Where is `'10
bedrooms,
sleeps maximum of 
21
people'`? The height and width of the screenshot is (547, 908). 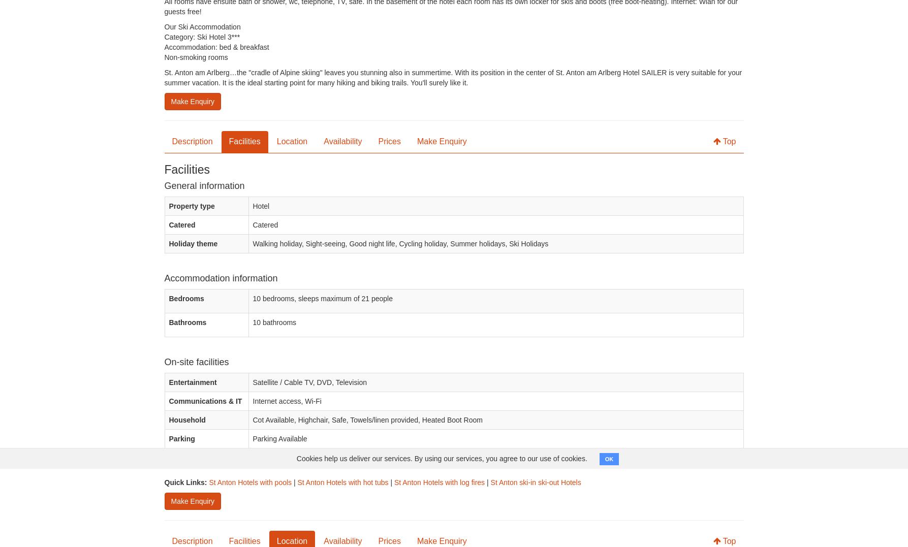
'10
bedrooms,
sleeps maximum of 
21
people' is located at coordinates (252, 297).